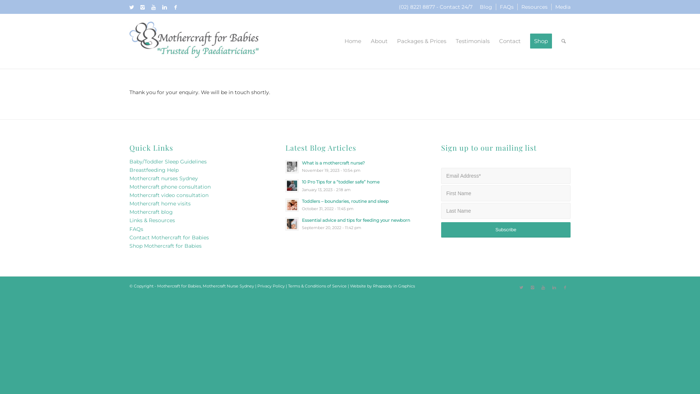  Describe the element at coordinates (521, 287) in the screenshot. I see `'Twitter'` at that location.